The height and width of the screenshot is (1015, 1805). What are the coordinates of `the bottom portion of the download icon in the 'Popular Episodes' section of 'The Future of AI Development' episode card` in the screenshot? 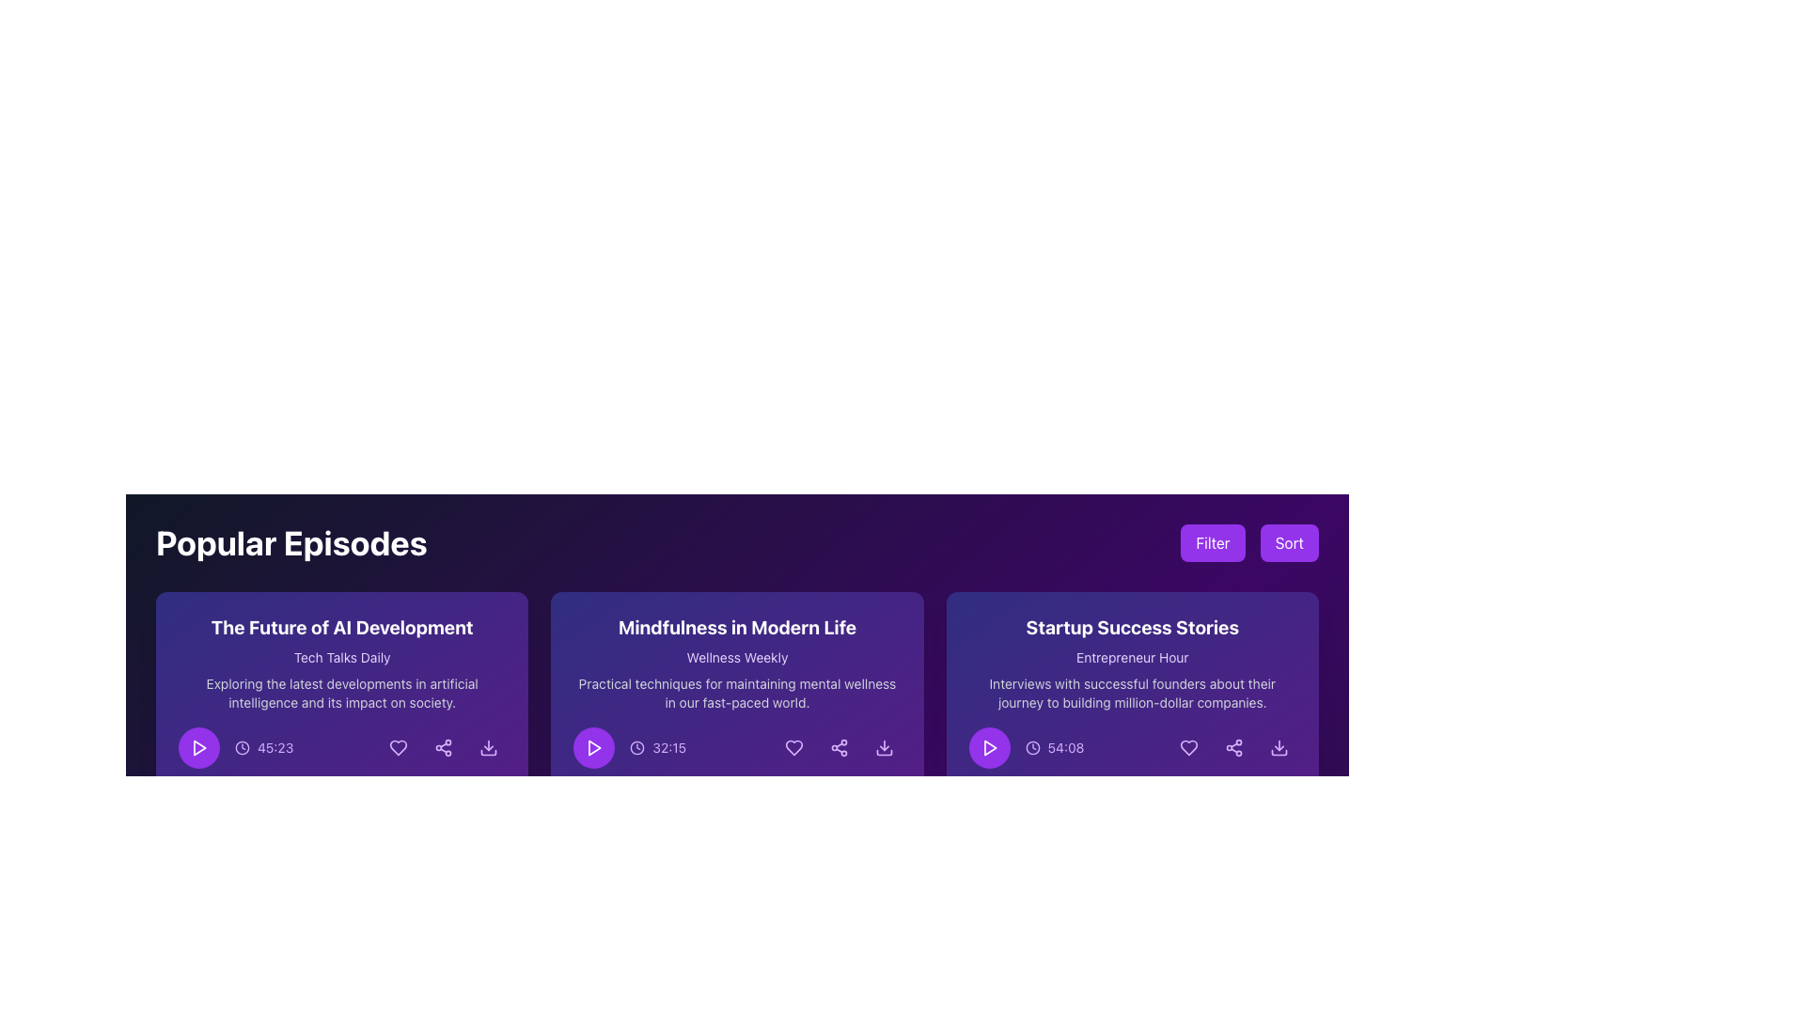 It's located at (489, 752).